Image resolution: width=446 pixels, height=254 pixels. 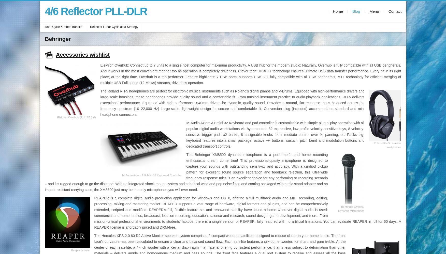 What do you see at coordinates (80, 250) in the screenshot?
I see `'Reaper license'` at bounding box center [80, 250].